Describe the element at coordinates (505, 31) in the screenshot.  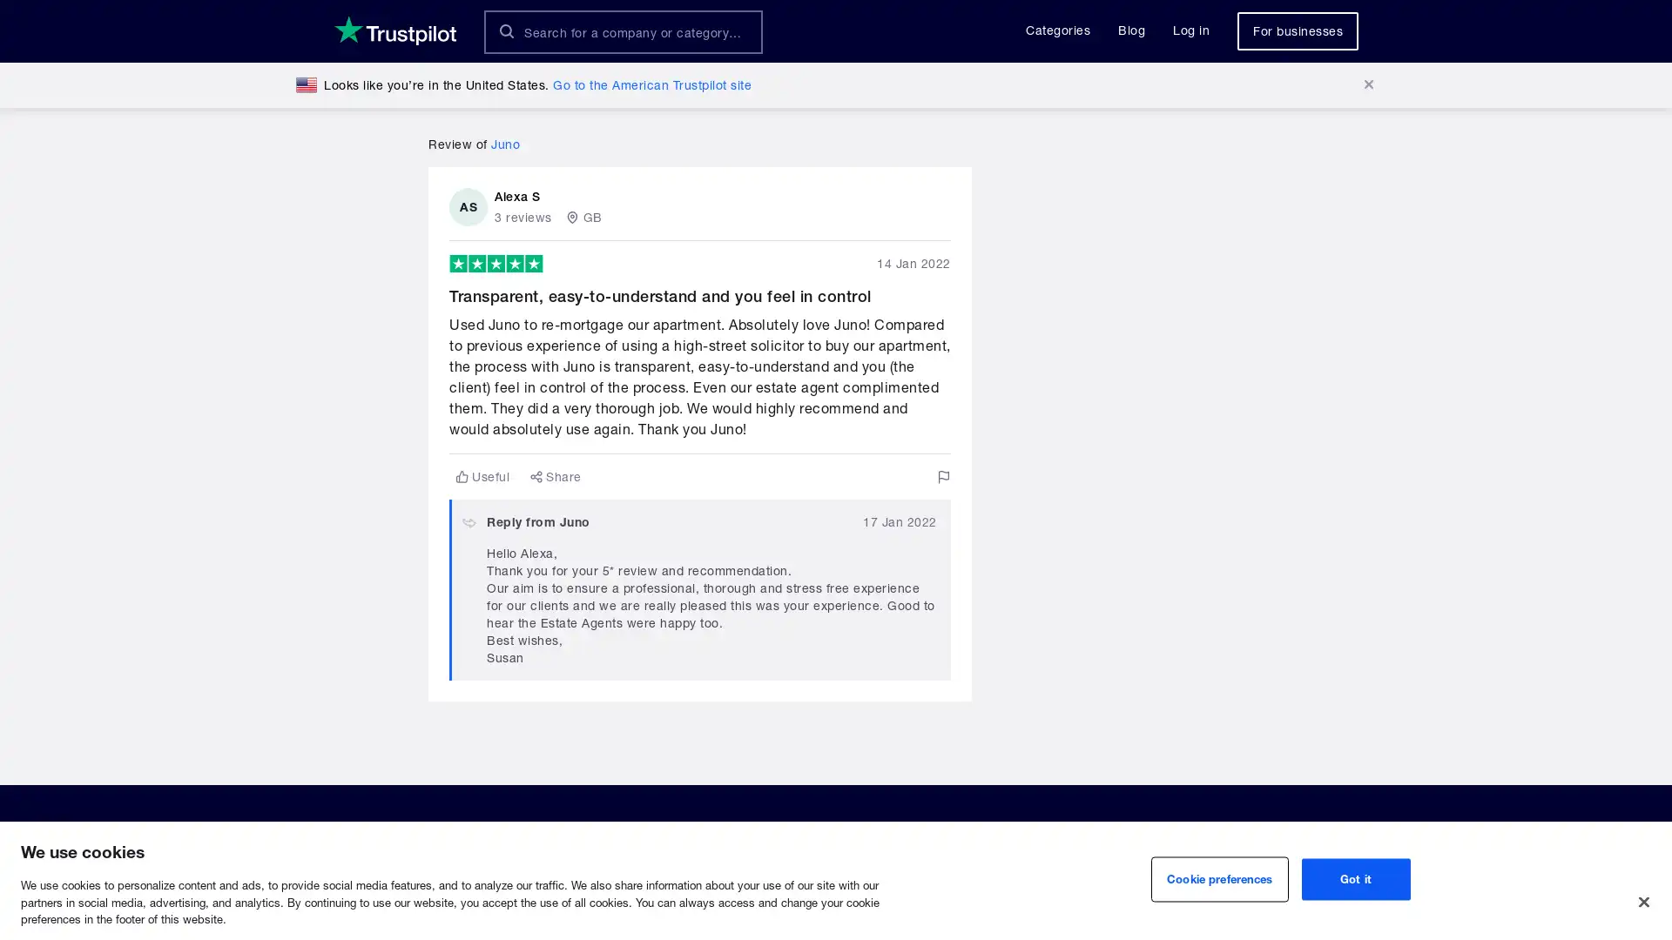
I see `Search` at that location.